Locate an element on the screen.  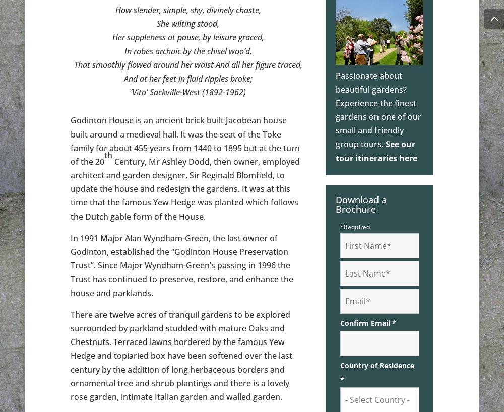
'How slender, simple, shy, divinely chaste,' is located at coordinates (187, 9).